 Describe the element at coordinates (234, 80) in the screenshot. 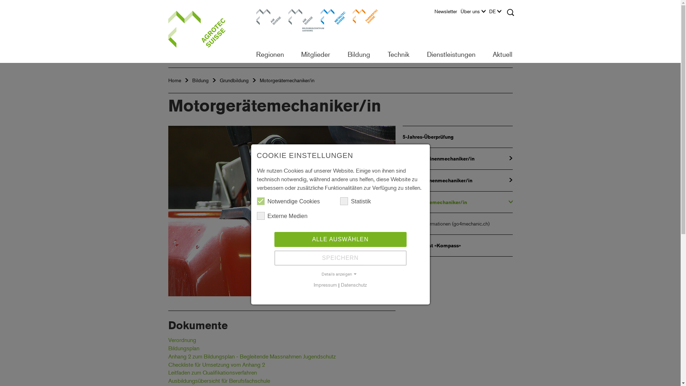

I see `'Grundbildung'` at that location.